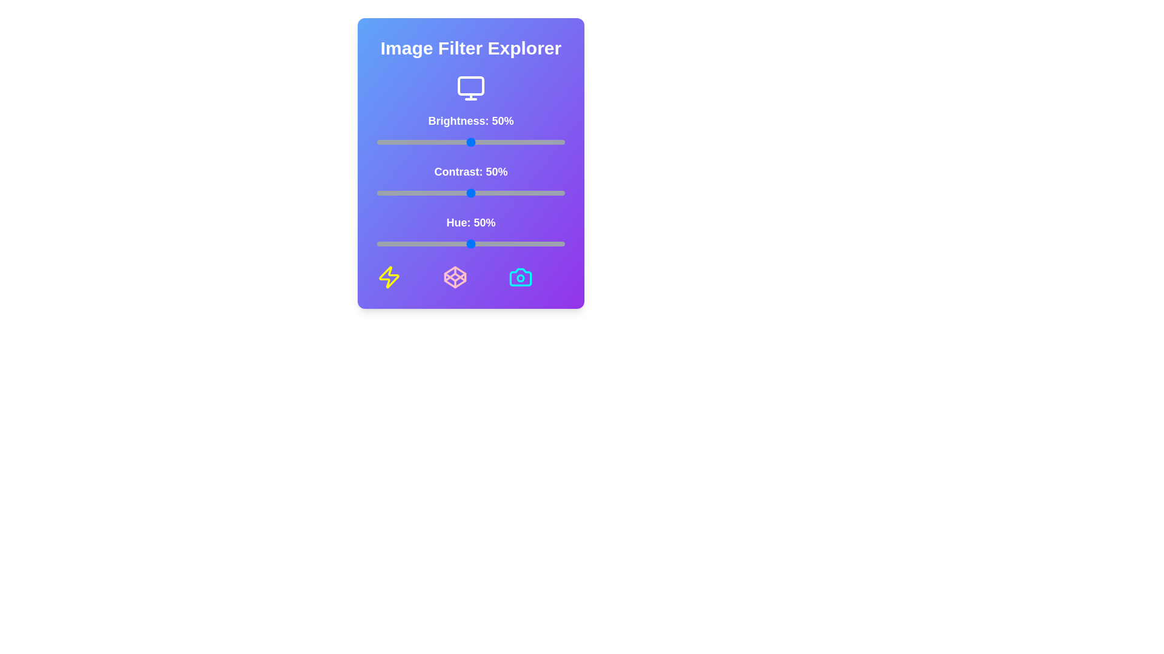 Image resolution: width=1164 pixels, height=654 pixels. What do you see at coordinates (389, 277) in the screenshot?
I see `the lightning icon located at the bottom left of the component` at bounding box center [389, 277].